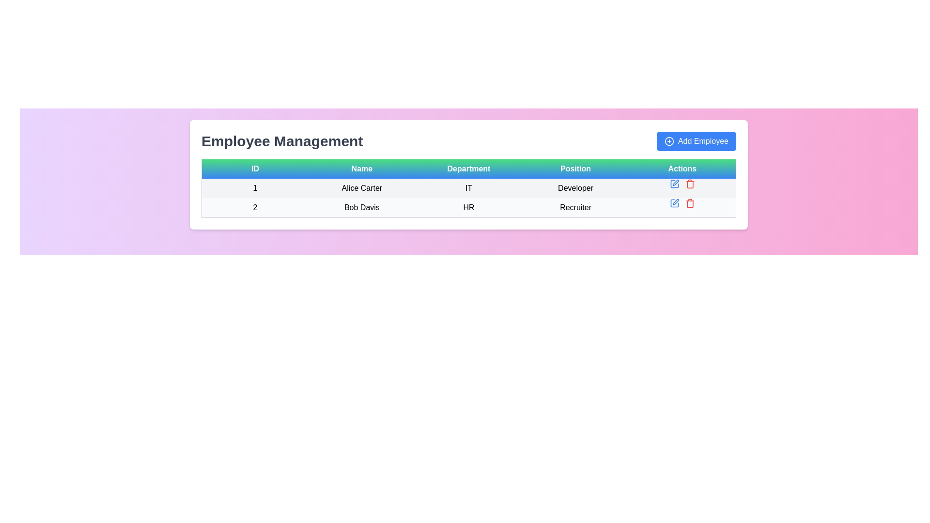 This screenshot has width=930, height=523. I want to click on the 'Add New Employee' button located at the top-right of the 'Employee Management' section, so click(696, 141).